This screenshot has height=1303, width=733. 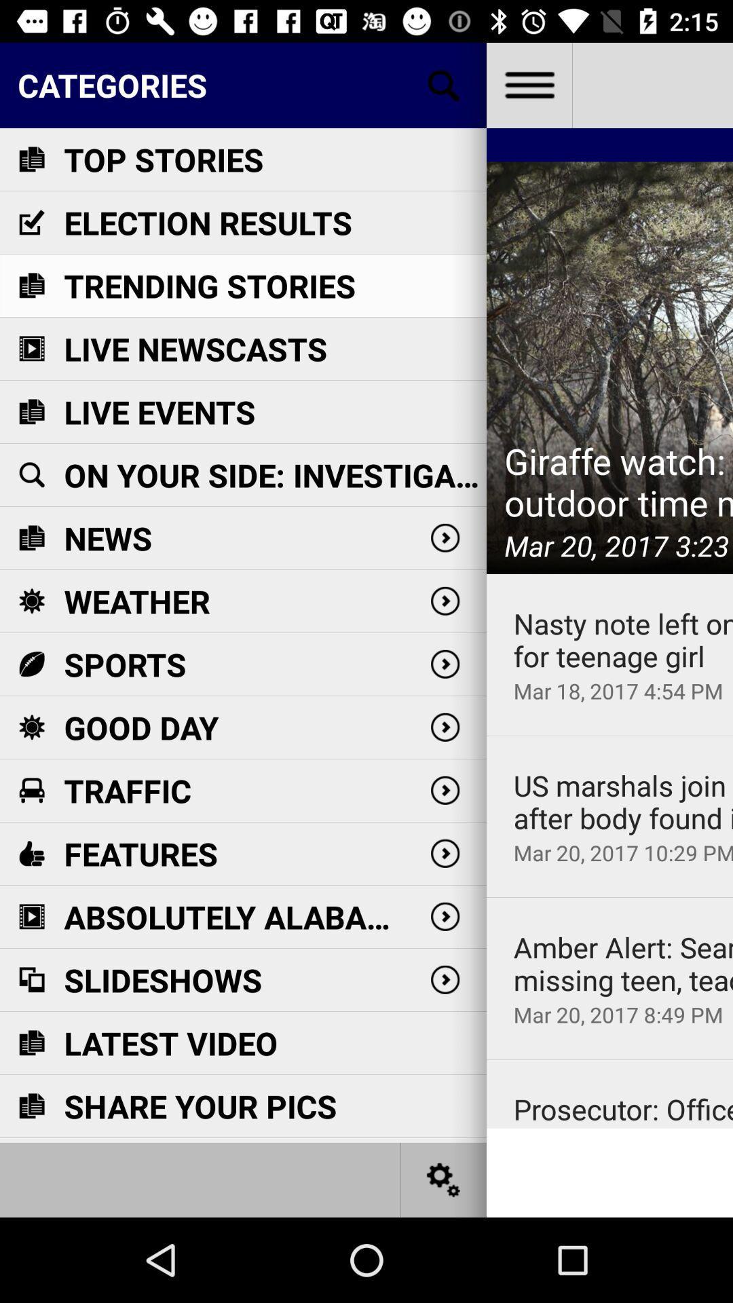 What do you see at coordinates (528, 84) in the screenshot?
I see `the menu icon` at bounding box center [528, 84].